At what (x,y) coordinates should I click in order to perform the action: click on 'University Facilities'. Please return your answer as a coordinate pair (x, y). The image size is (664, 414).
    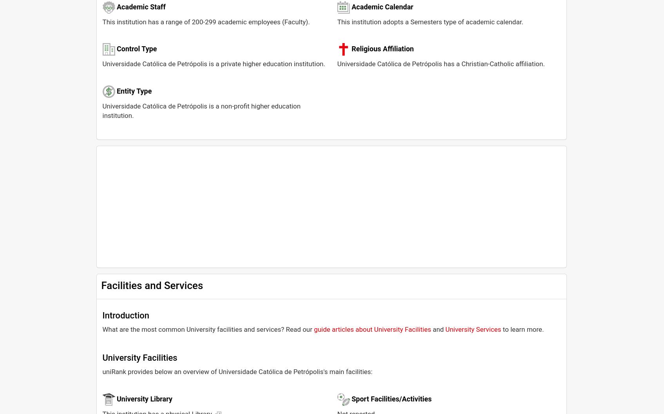
    Looking at the image, I should click on (139, 358).